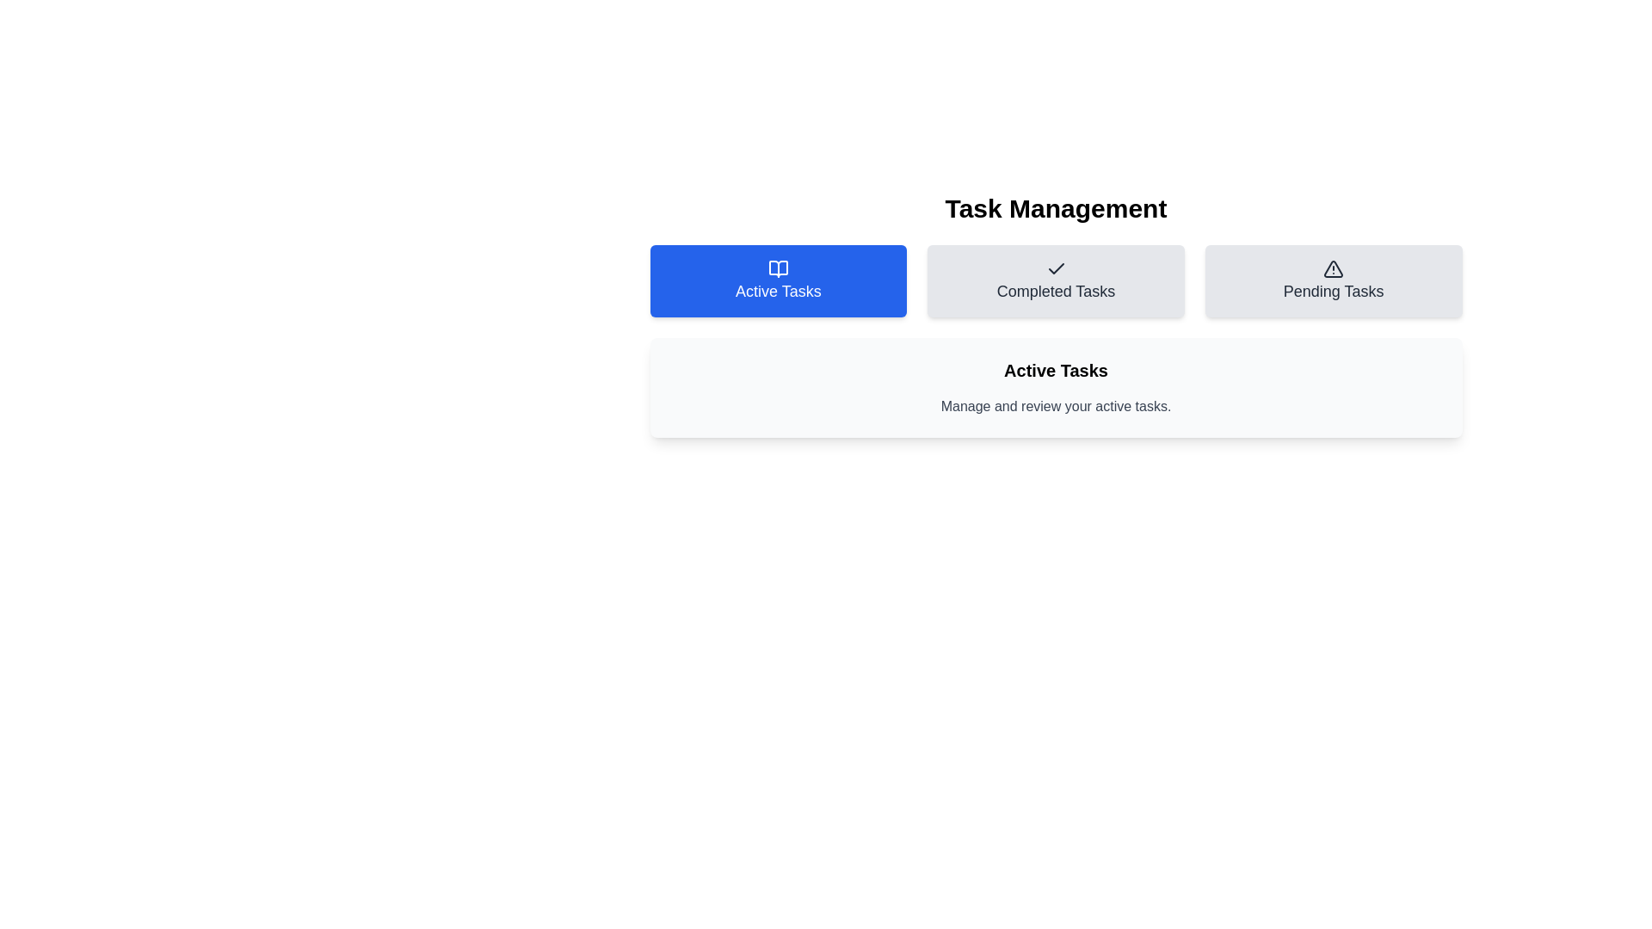 This screenshot has height=929, width=1652. Describe the element at coordinates (1055, 280) in the screenshot. I see `the tab labeled 'Completed Tasks'` at that location.